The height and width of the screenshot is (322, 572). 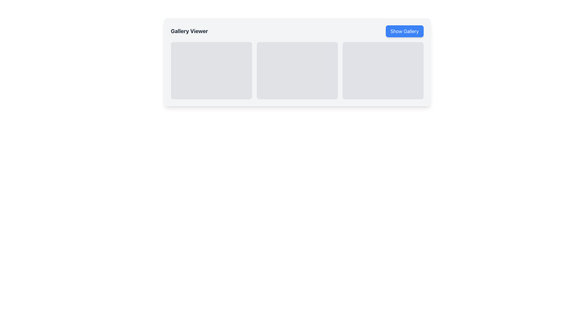 What do you see at coordinates (297, 70) in the screenshot?
I see `the second gray rectangle with rounded corners in the horizontal grid layout` at bounding box center [297, 70].